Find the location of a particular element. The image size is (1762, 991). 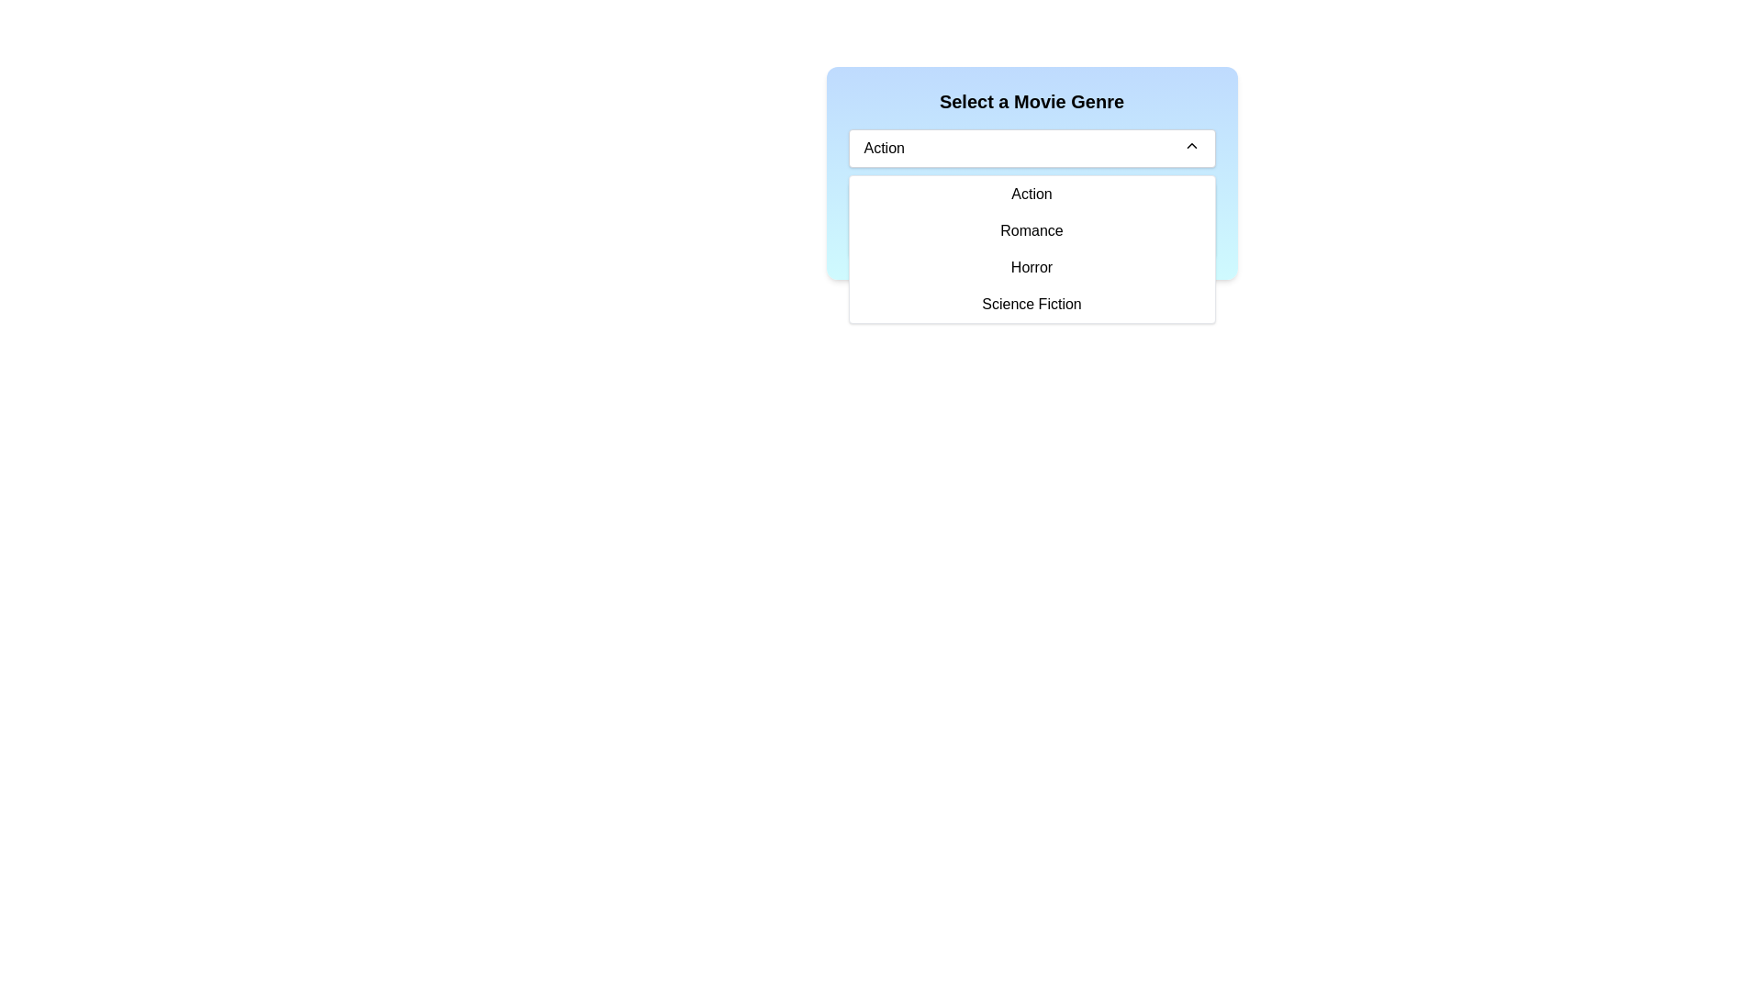

text displayed in the Label/Text Display that shows the word 'Action', which is positioned on the left side of the dropdown menu box is located at coordinates (884, 148).